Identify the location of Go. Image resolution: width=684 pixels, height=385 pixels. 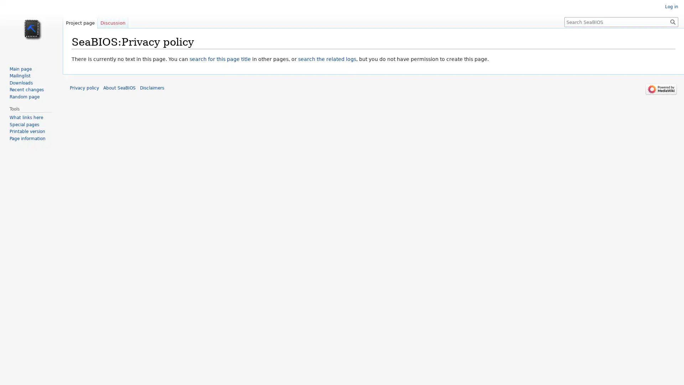
(673, 21).